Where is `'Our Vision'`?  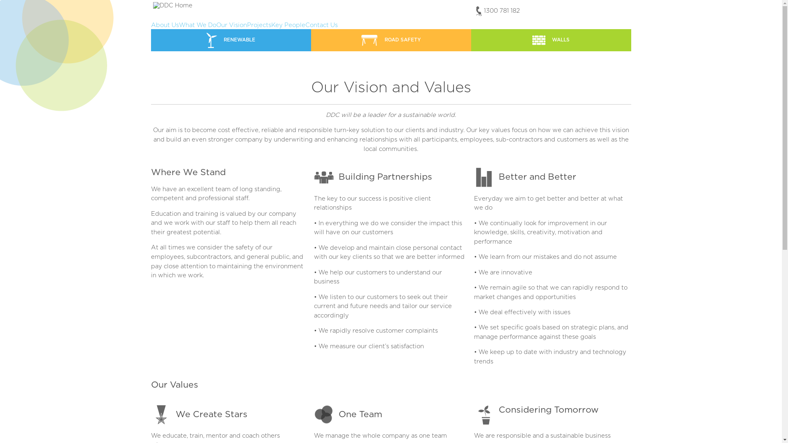 'Our Vision' is located at coordinates (216, 25).